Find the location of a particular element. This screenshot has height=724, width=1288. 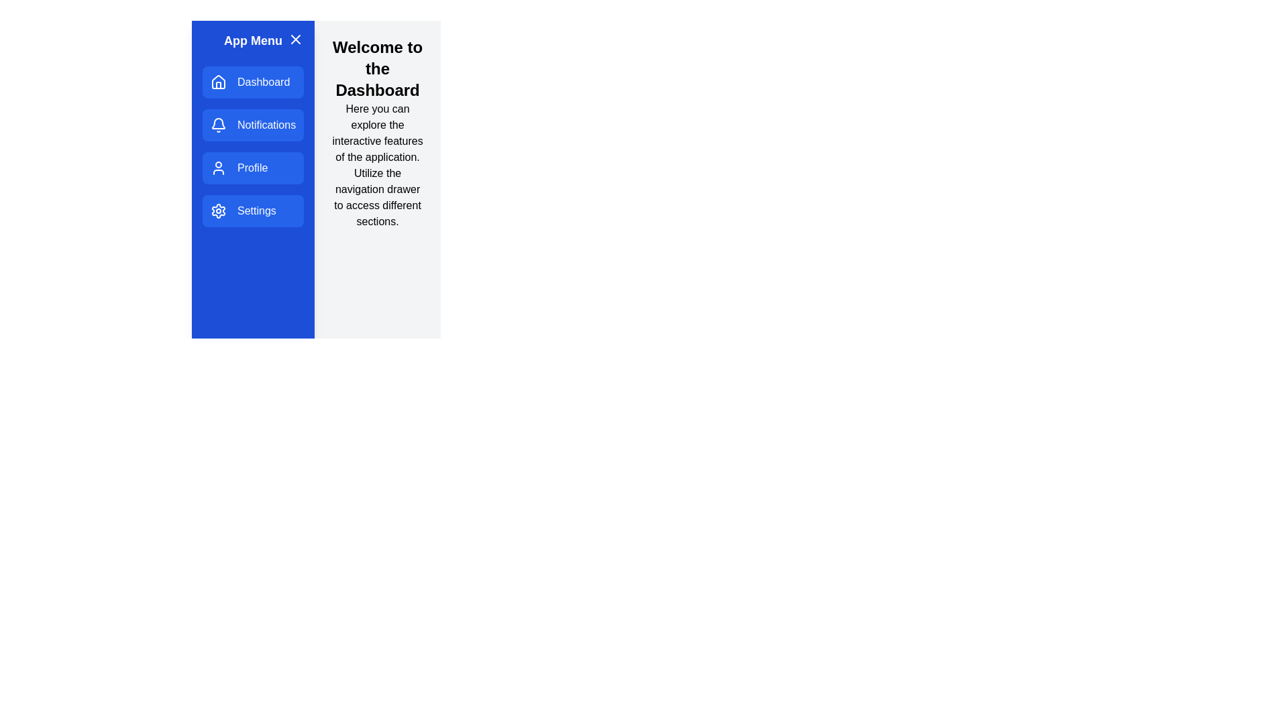

the informational text block that provides guidance on exploring the application's interactive features, located below the 'Welcome to the Dashboard' title is located at coordinates (377, 164).